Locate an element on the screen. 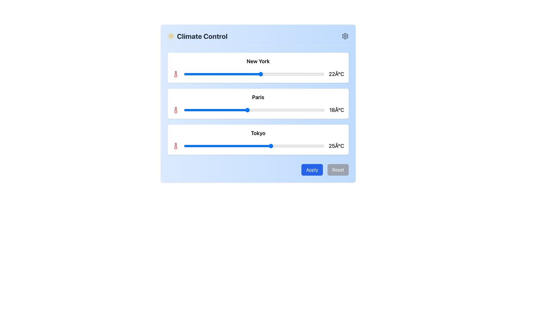 This screenshot has width=557, height=313. the Tokyo temperature is located at coordinates (306, 146).